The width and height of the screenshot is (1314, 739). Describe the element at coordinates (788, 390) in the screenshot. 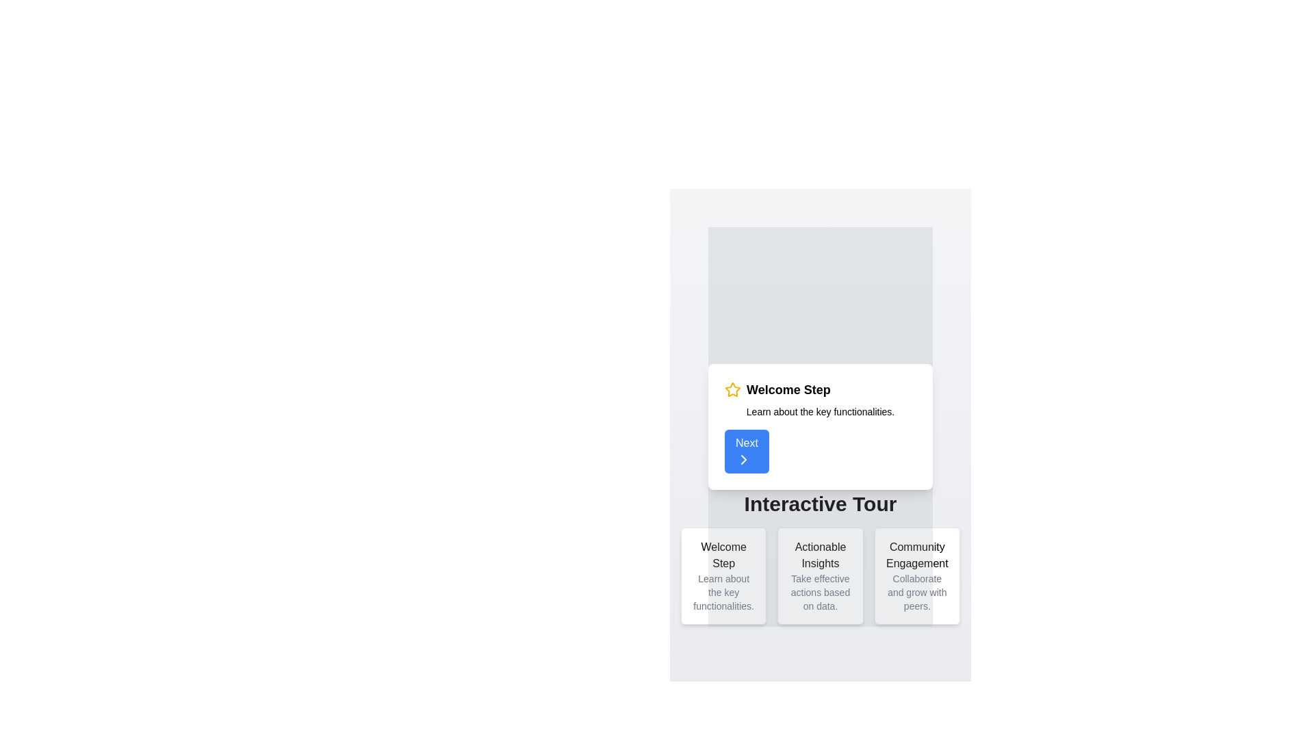

I see `the 'Welcome Step' text label, which is a bold and large font label located towards the center-right of a light box in a pop-up card` at that location.